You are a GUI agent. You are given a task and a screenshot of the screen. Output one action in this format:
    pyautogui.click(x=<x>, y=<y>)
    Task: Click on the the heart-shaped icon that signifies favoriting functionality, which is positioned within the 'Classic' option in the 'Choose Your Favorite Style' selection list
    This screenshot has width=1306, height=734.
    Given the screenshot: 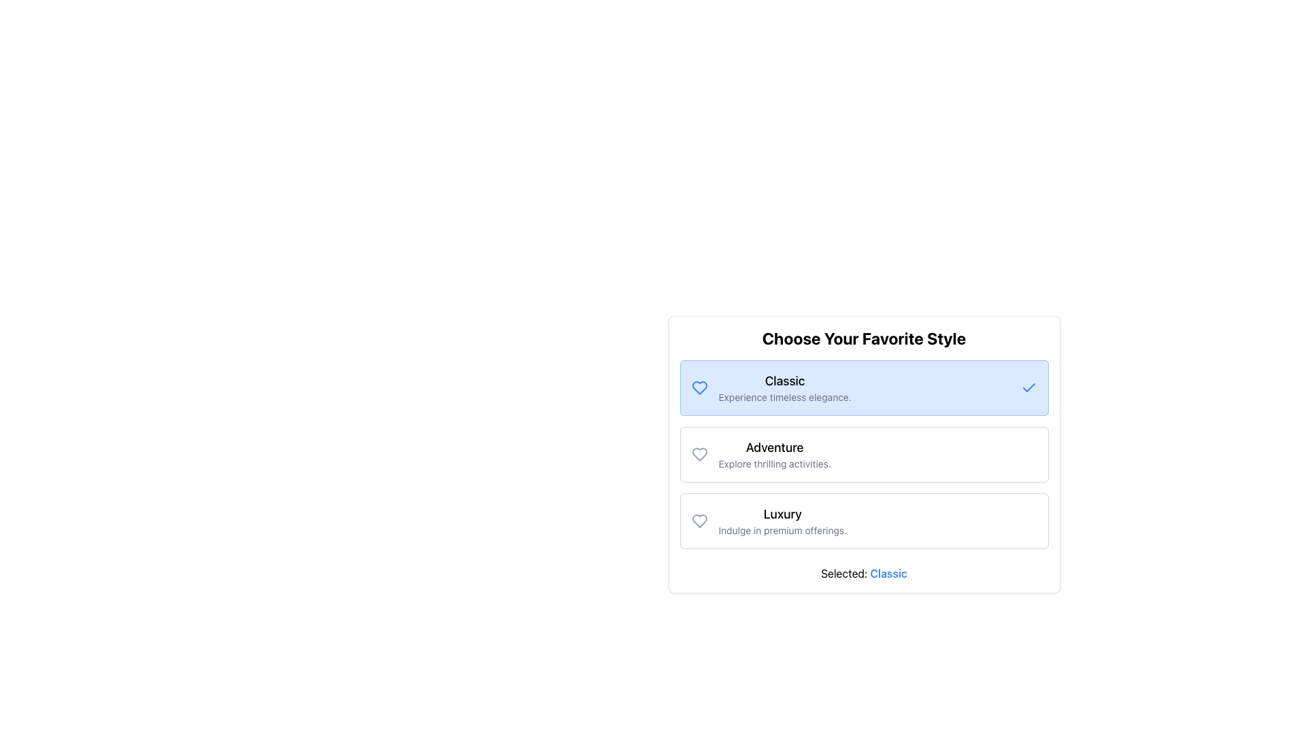 What is the action you would take?
    pyautogui.click(x=699, y=387)
    